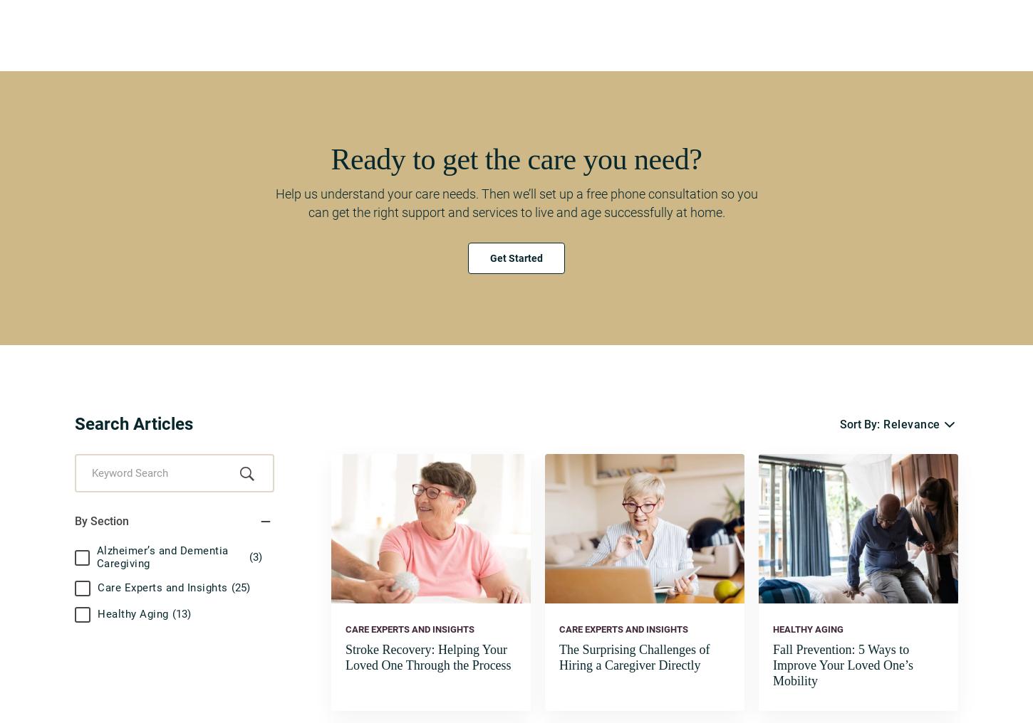 The height and width of the screenshot is (723, 1033). Describe the element at coordinates (274, 192) in the screenshot. I see `'Help us understand your care needs. Then we’ll set up a free phone consultation so you'` at that location.